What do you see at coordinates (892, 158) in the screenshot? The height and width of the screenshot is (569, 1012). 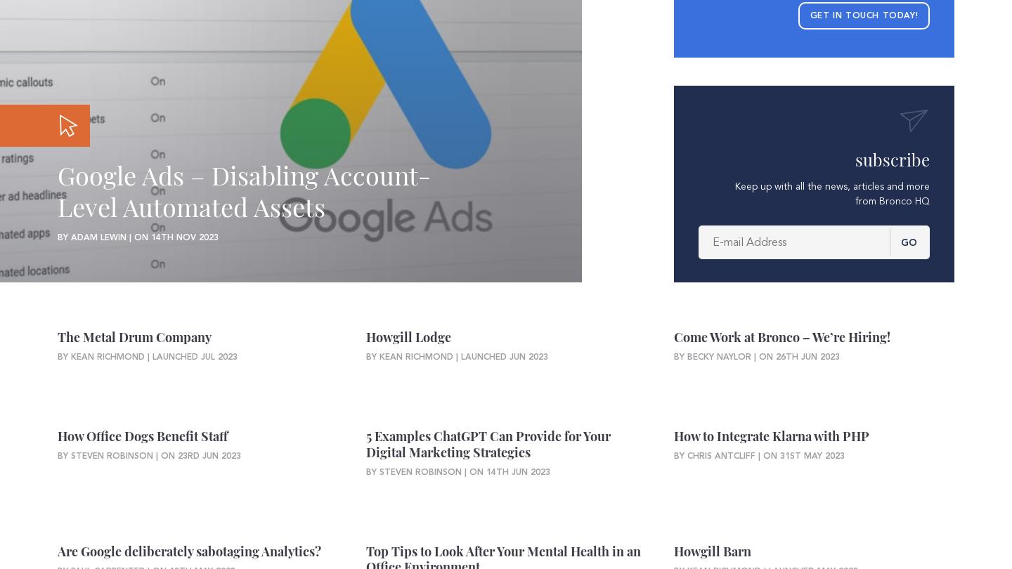 I see `'Subscribe'` at bounding box center [892, 158].